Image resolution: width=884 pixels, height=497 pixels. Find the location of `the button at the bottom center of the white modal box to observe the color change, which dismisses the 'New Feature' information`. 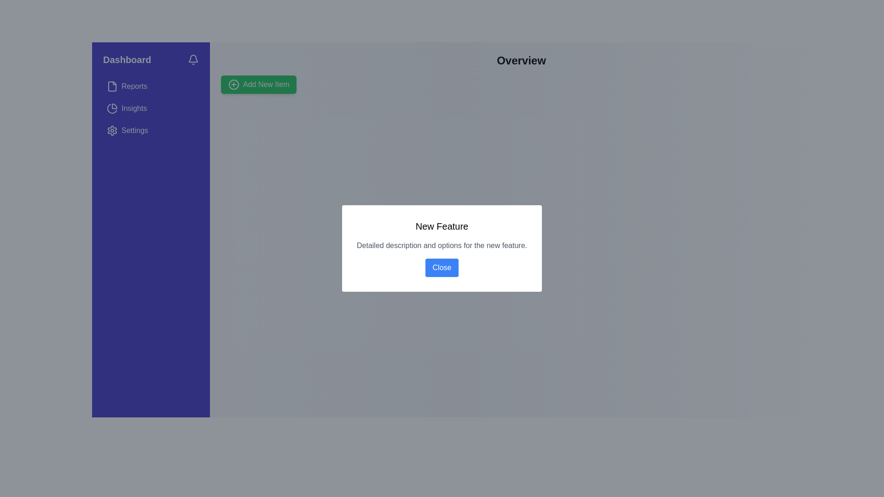

the button at the bottom center of the white modal box to observe the color change, which dismisses the 'New Feature' information is located at coordinates (442, 268).